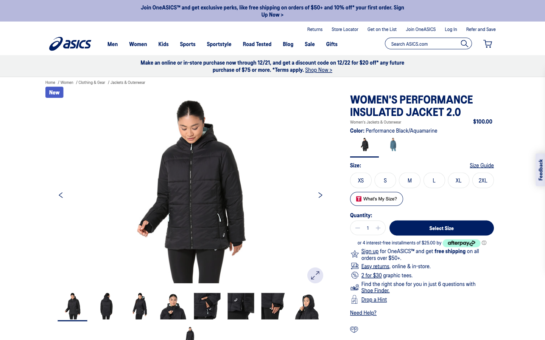  I want to click on Transition to the next image of the product, so click(320, 194).